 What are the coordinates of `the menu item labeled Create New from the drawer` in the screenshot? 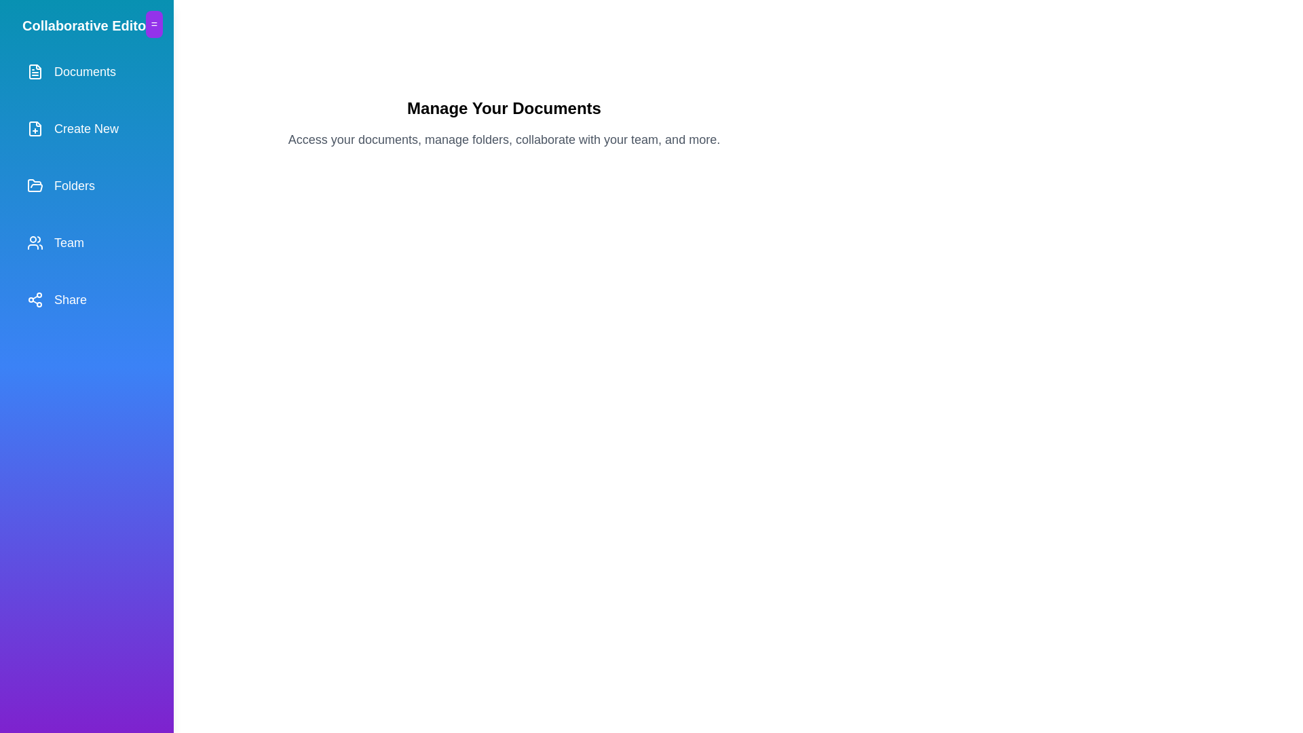 It's located at (86, 128).